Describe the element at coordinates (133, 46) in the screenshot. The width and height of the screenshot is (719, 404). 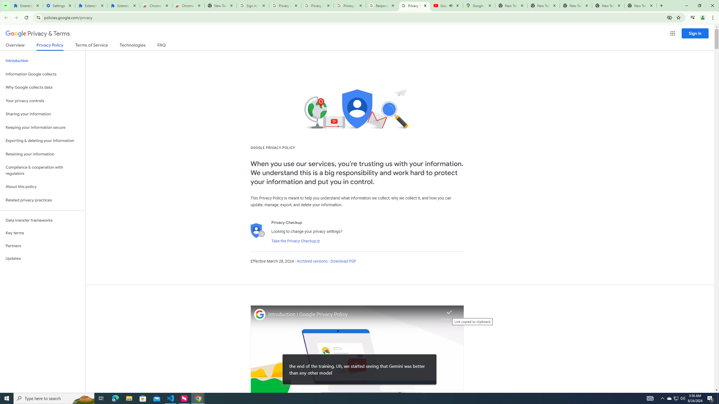
I see `'Technologies'` at that location.